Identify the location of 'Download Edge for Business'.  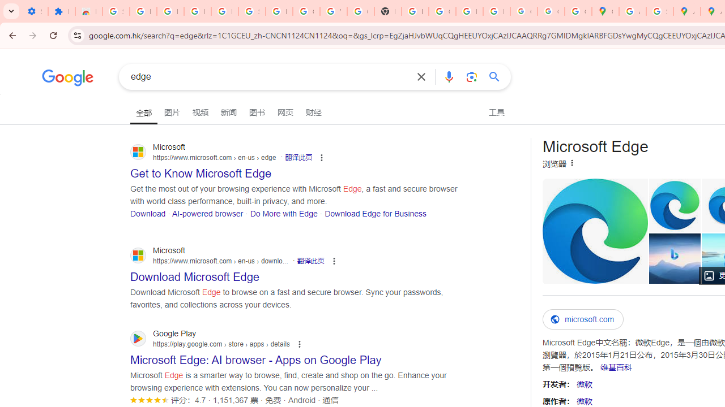
(376, 213).